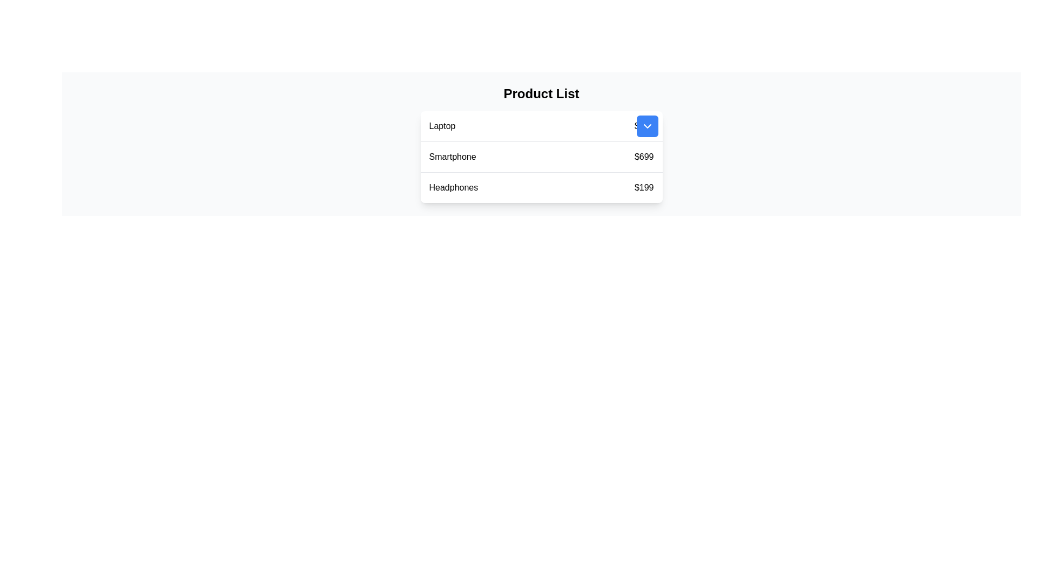 The image size is (1037, 583). Describe the element at coordinates (541, 157) in the screenshot. I see `the list item displaying 'Smartphone' priced at '$699', which is the second item in the 'Product List'` at that location.